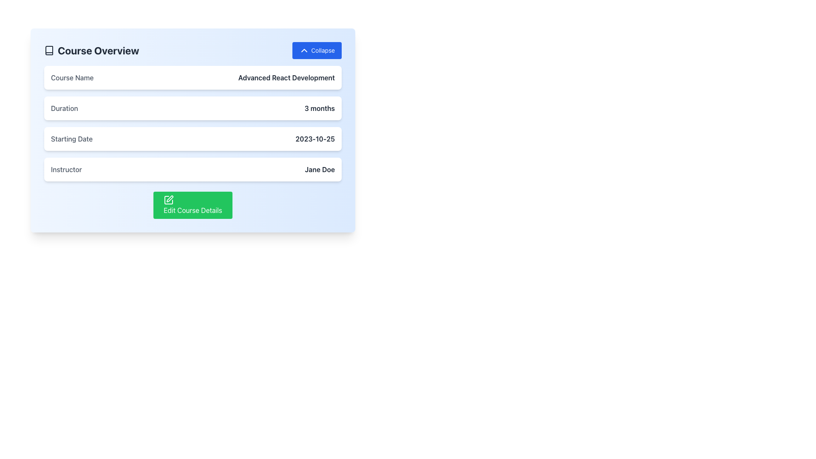  I want to click on the static text label that serves as a descriptive title for the '3 months' duration value, located to the left of the '3 months' text element, so click(64, 108).